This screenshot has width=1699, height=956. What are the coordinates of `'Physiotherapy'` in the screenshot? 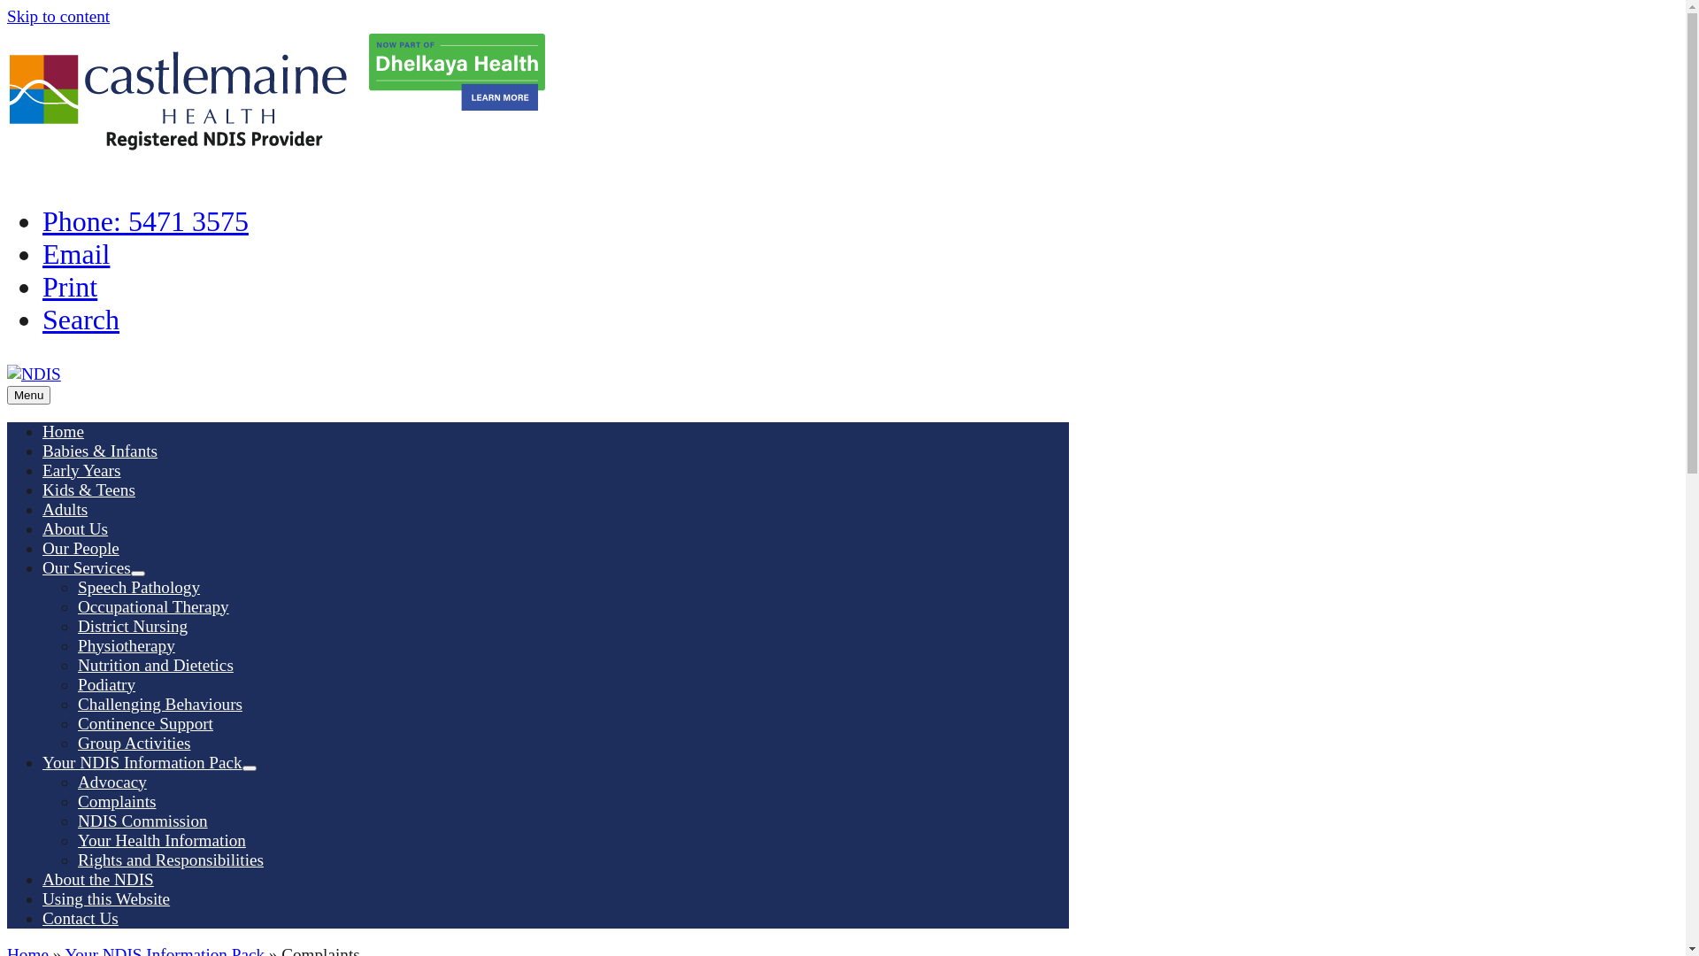 It's located at (126, 645).